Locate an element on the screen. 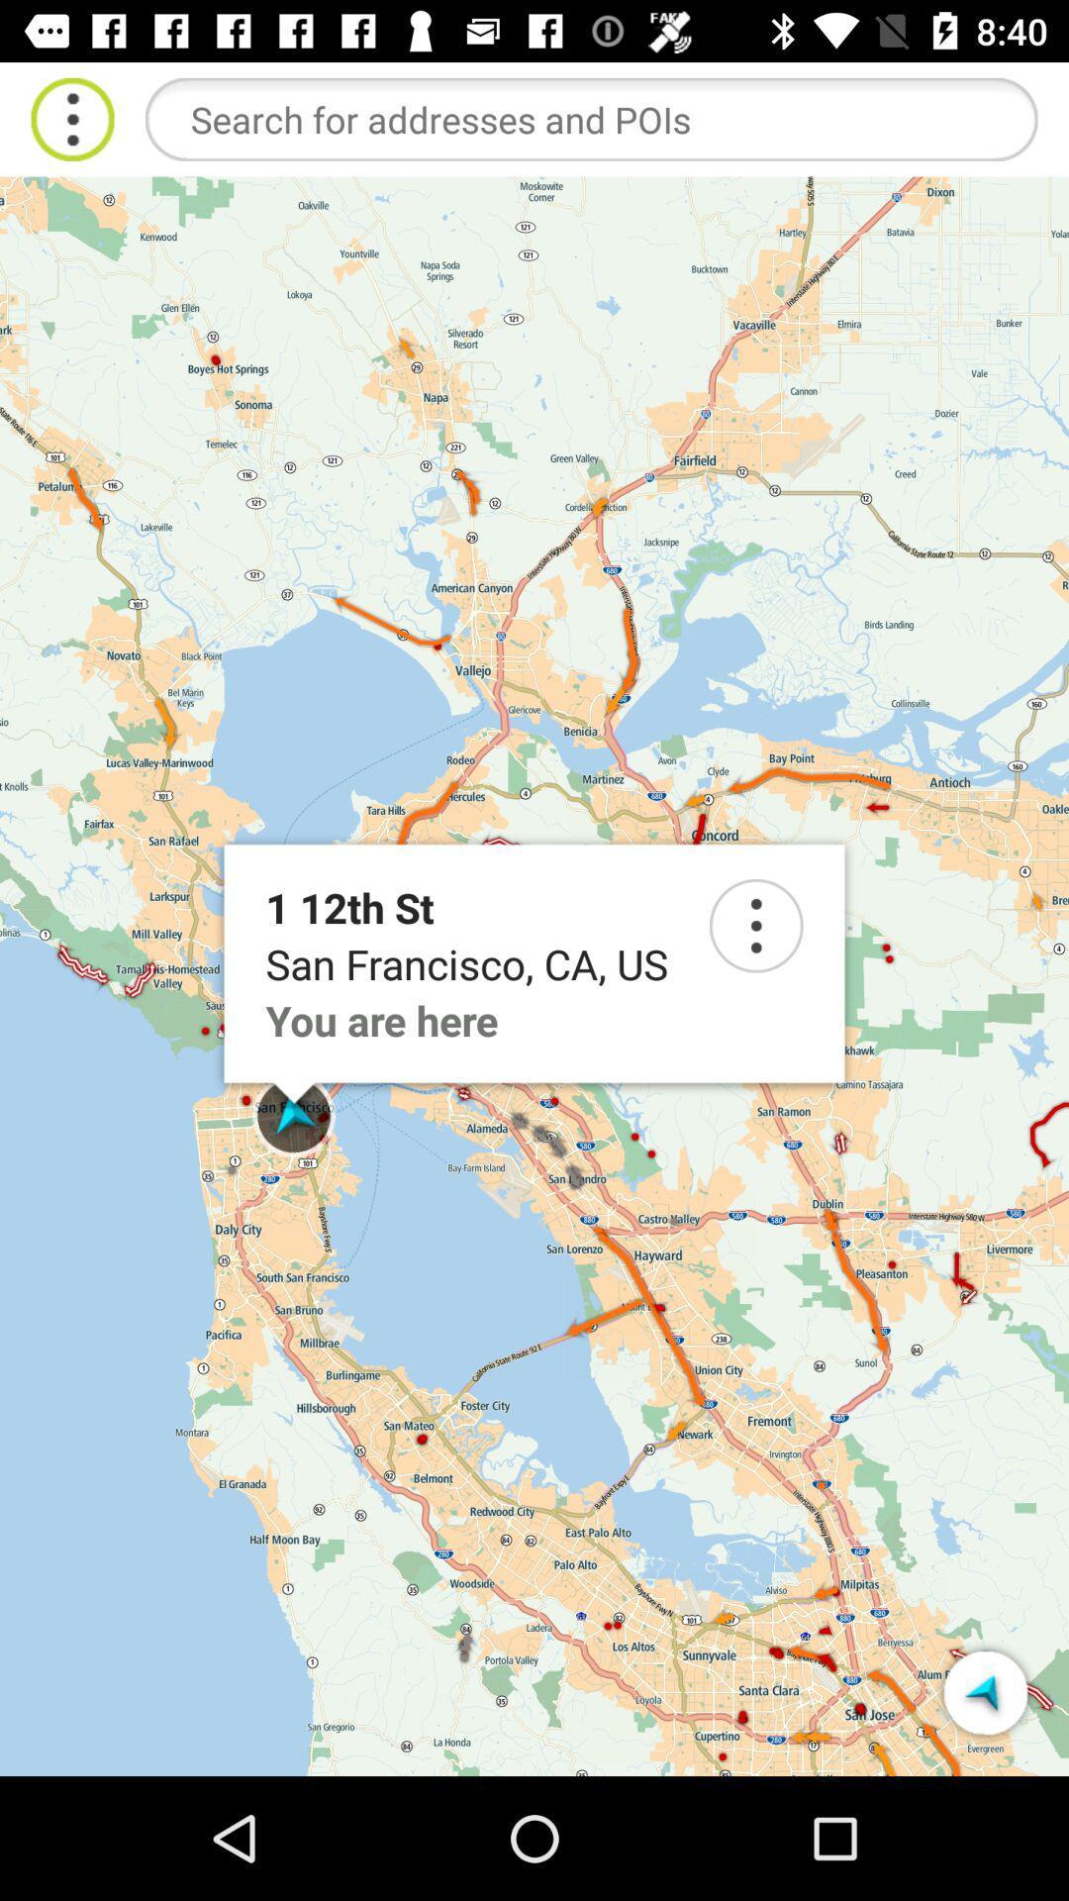 This screenshot has width=1069, height=1901. more option is located at coordinates (71, 118).